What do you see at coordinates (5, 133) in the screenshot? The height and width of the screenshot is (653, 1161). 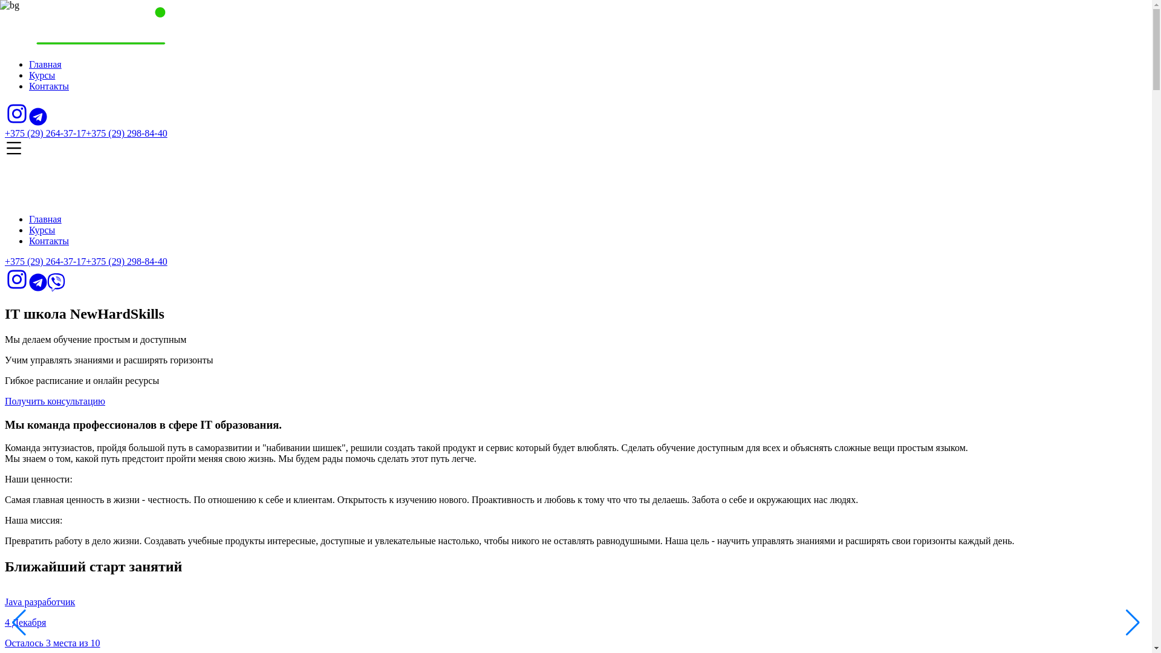 I see `'+375 (29) 264-37-17'` at bounding box center [5, 133].